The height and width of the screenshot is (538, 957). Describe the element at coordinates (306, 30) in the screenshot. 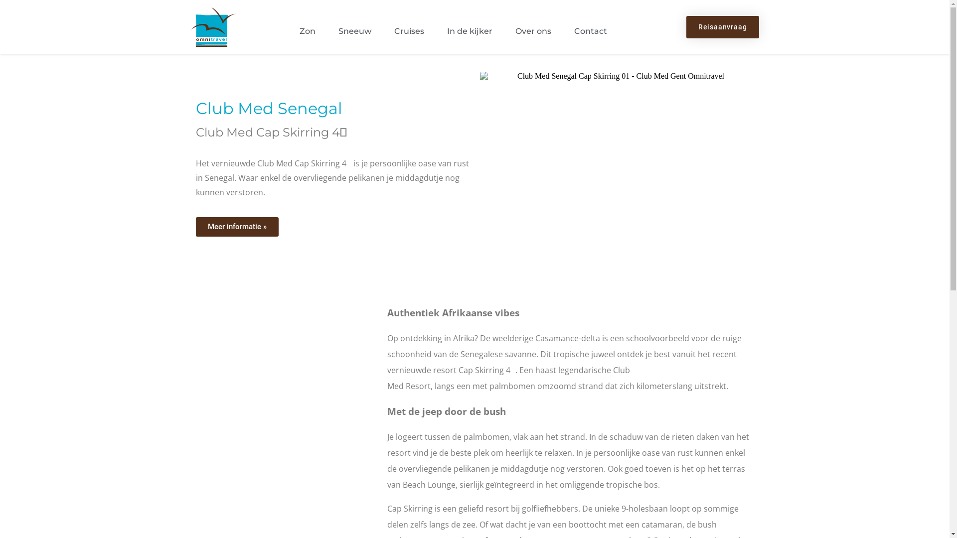

I see `'Zon'` at that location.